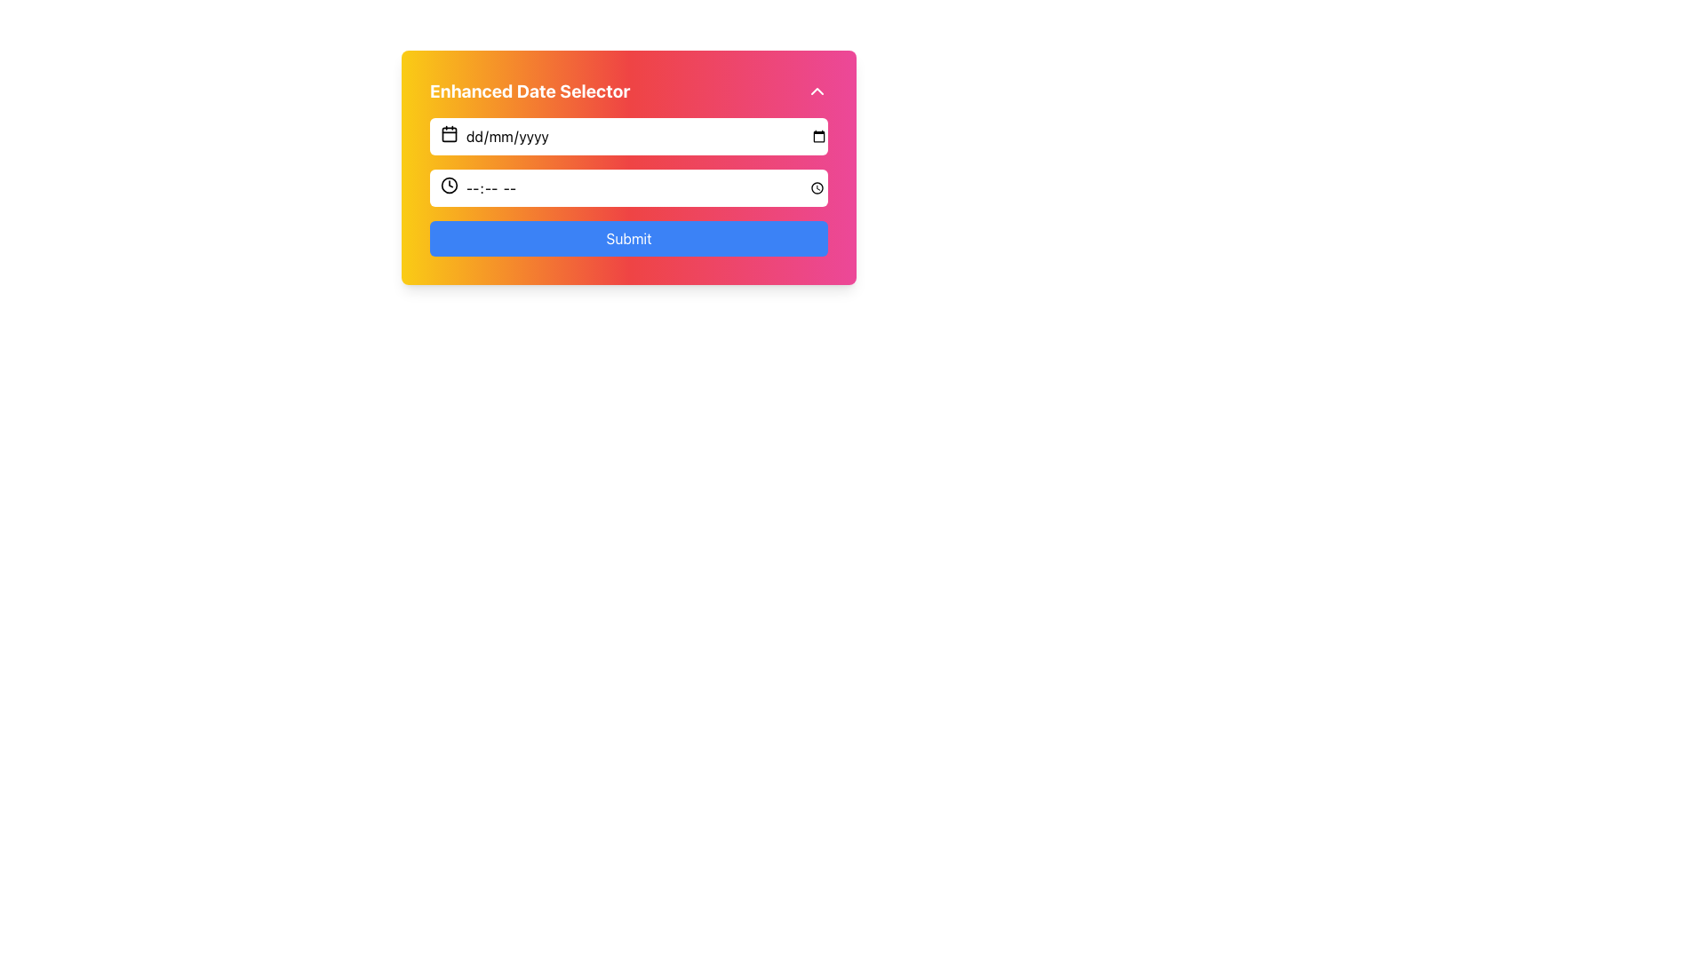 The height and width of the screenshot is (959, 1706). Describe the element at coordinates (817, 91) in the screenshot. I see `the upward-pointing triangular arrow icon located at the top-right corner of the 'Enhanced Date Selector' card` at that location.